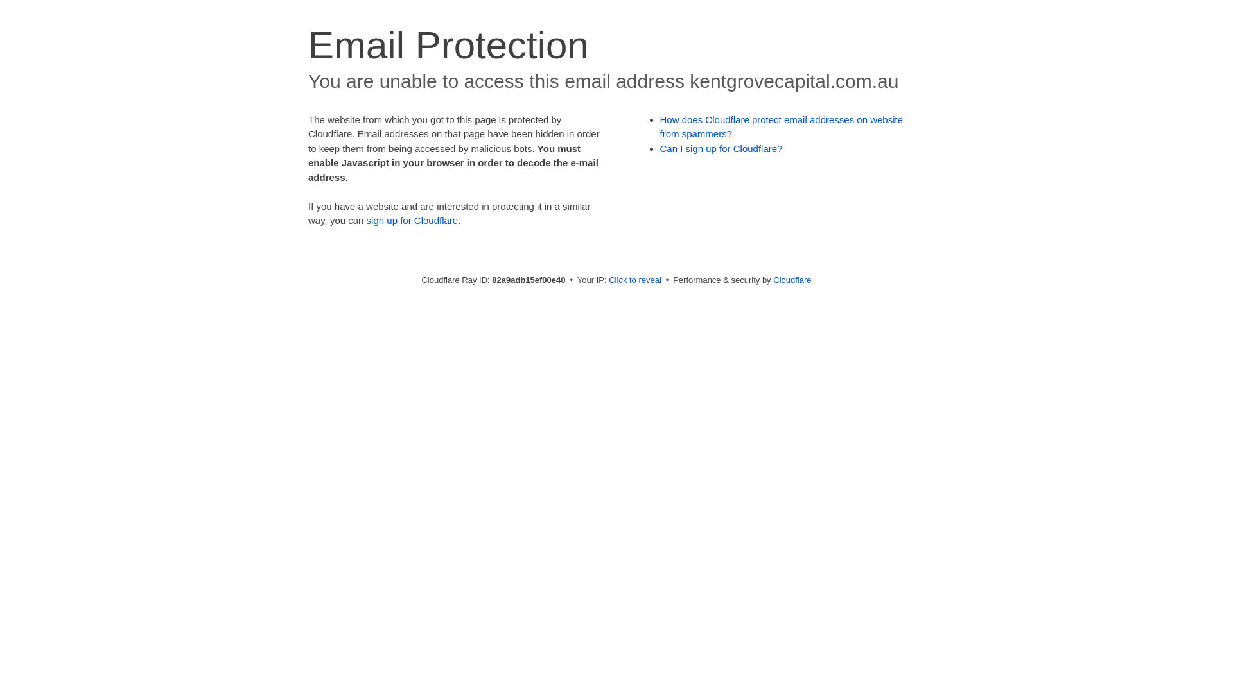 This screenshot has height=693, width=1233. I want to click on 'Can I sign up for Cloudflare?', so click(721, 148).